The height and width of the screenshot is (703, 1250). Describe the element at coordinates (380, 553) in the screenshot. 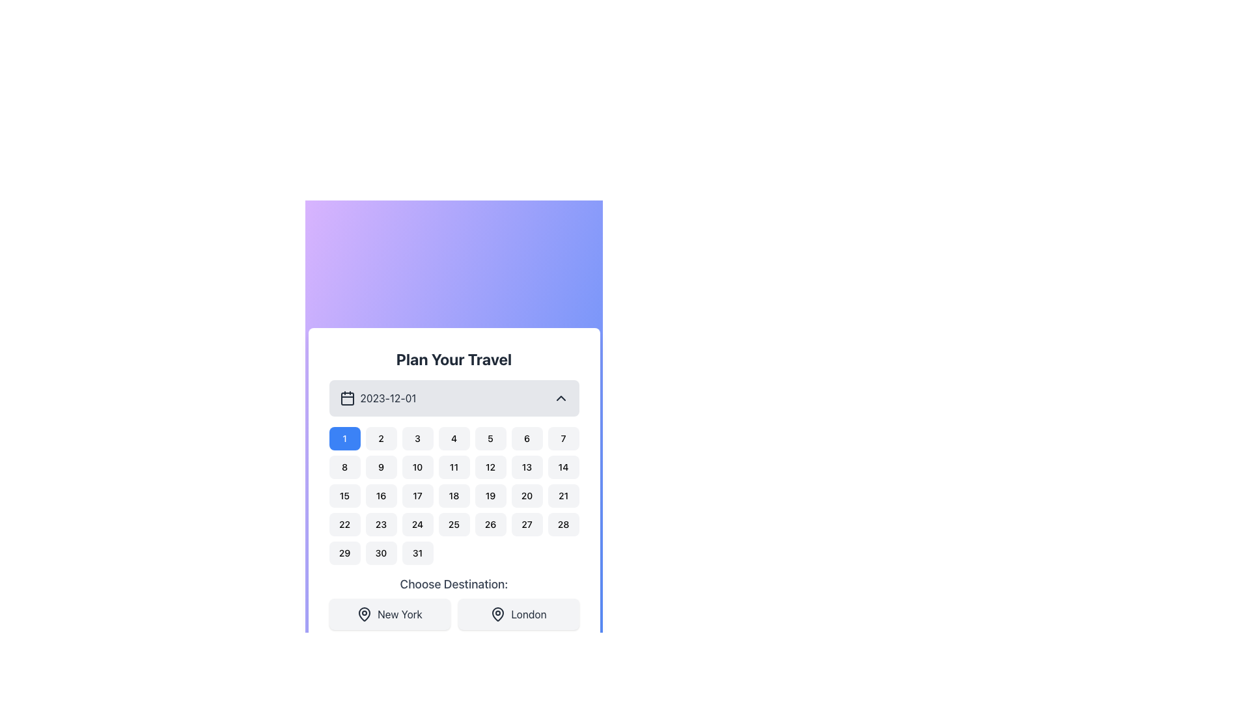

I see `the button representing the date '30' in the calendar` at that location.